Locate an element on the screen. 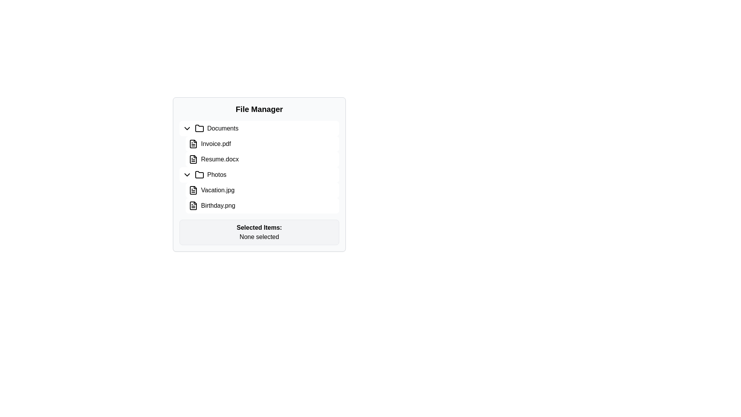  the folder icon representing the 'Photos' section, located to the left of the 'Photos' text label is located at coordinates (200, 175).